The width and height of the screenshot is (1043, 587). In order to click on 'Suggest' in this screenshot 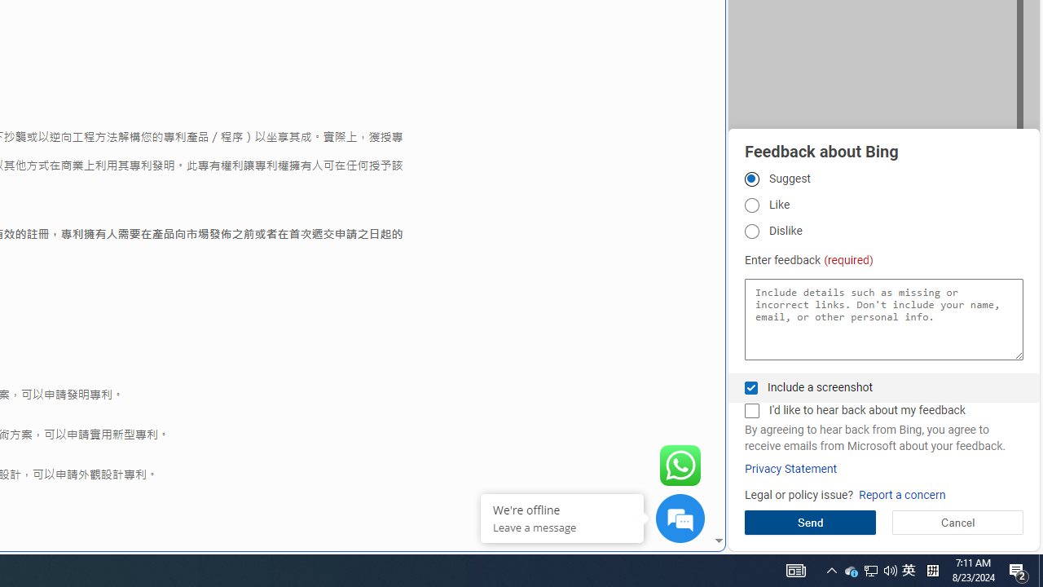, I will do `click(750, 179)`.